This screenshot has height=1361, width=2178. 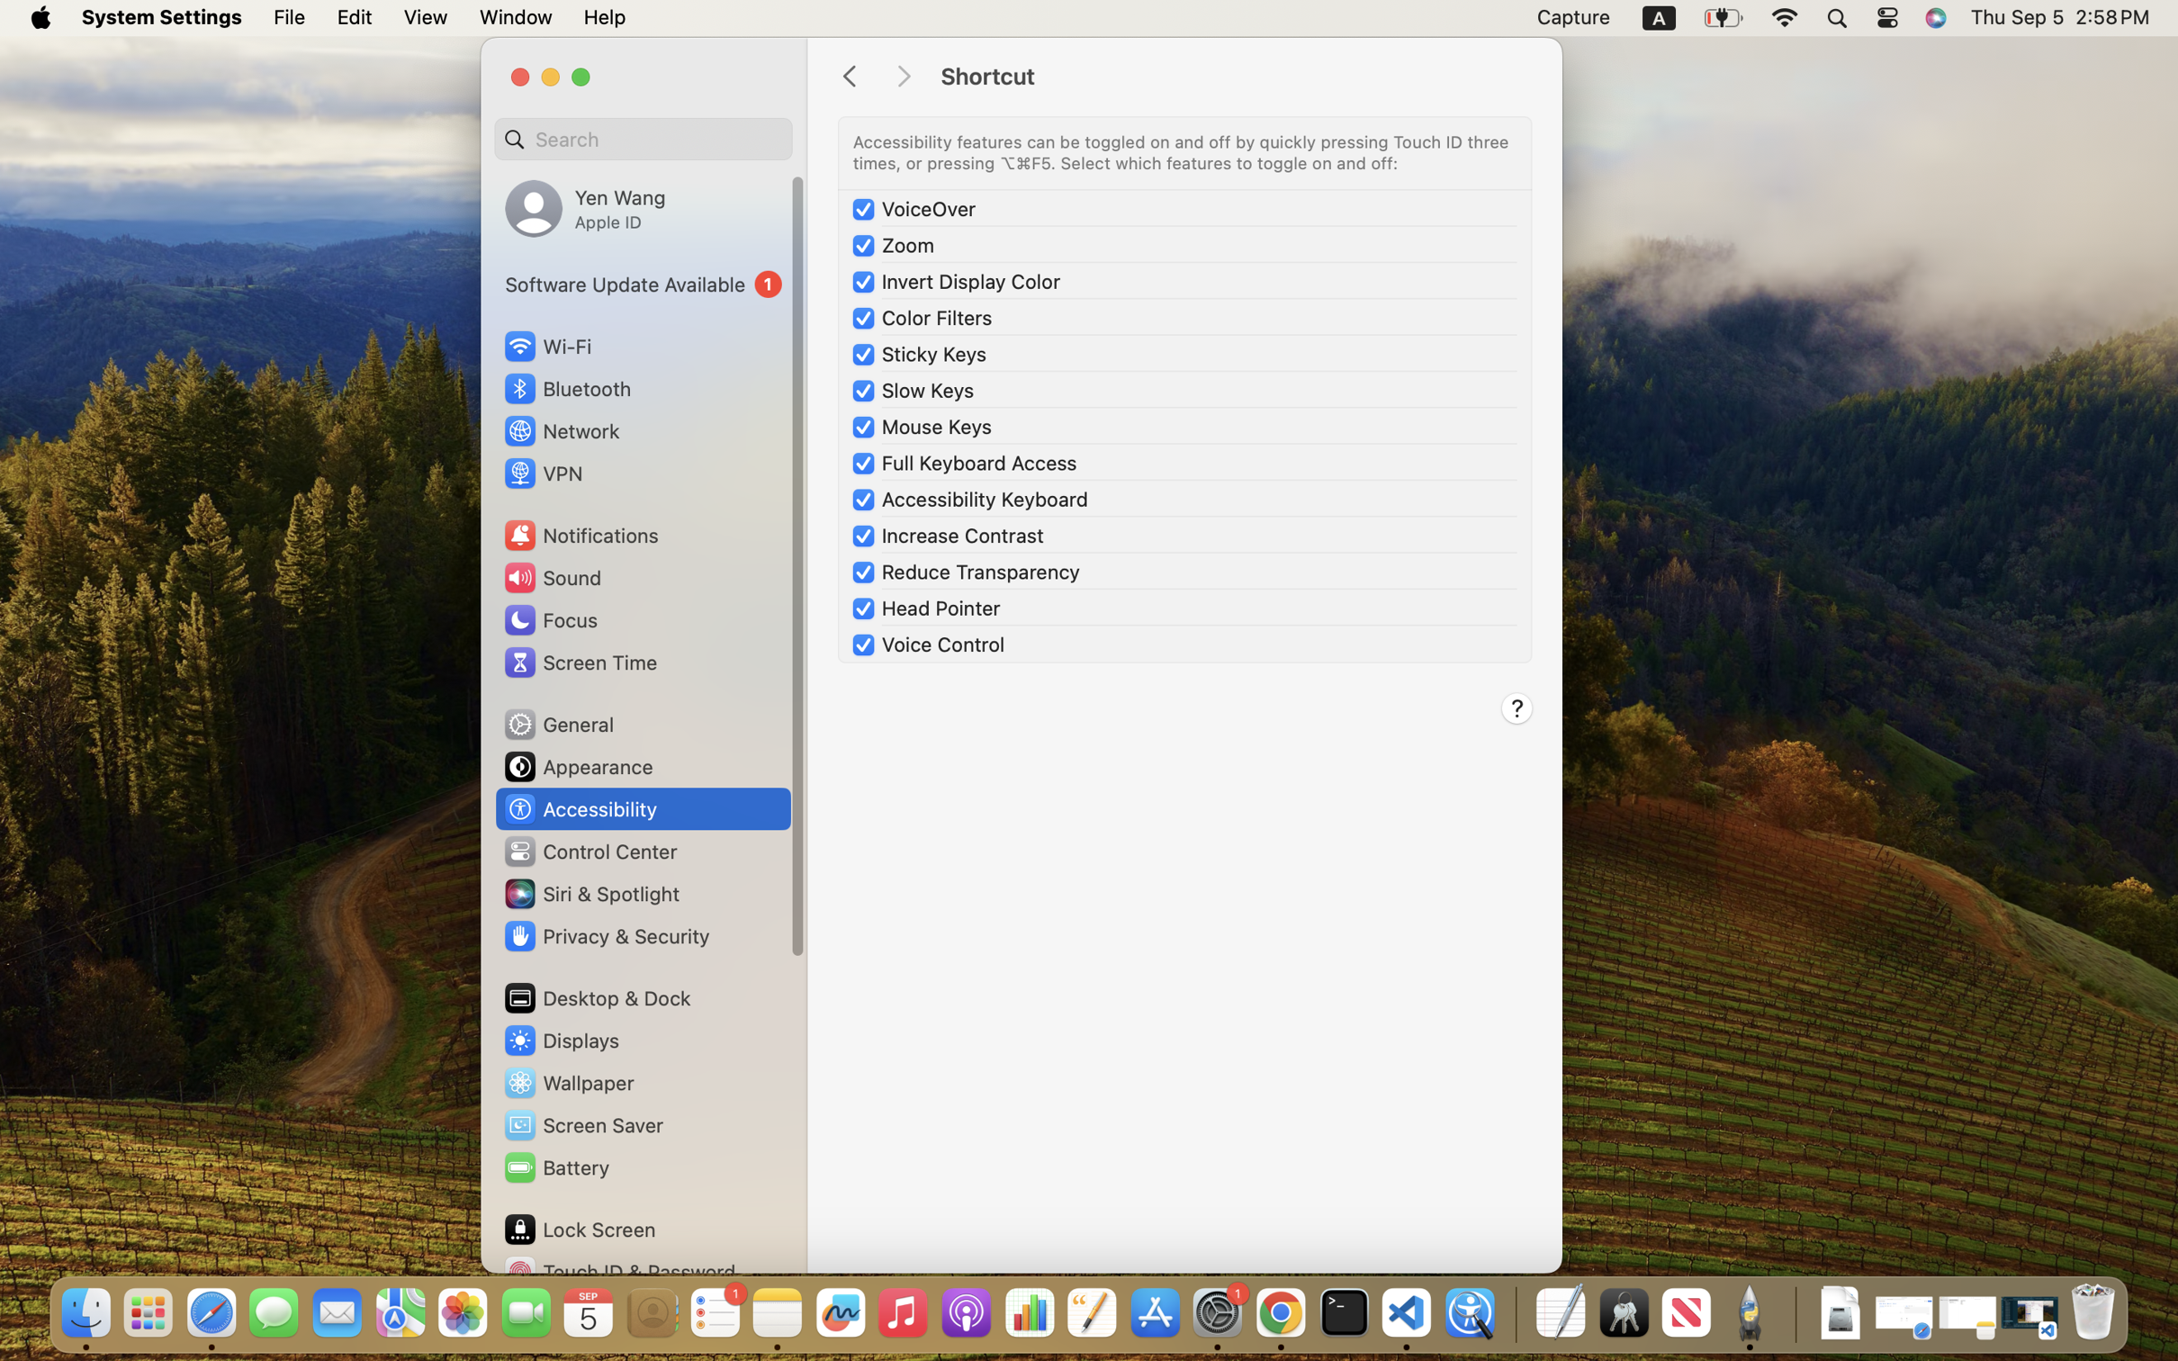 I want to click on 'Lock Screen', so click(x=580, y=1228).